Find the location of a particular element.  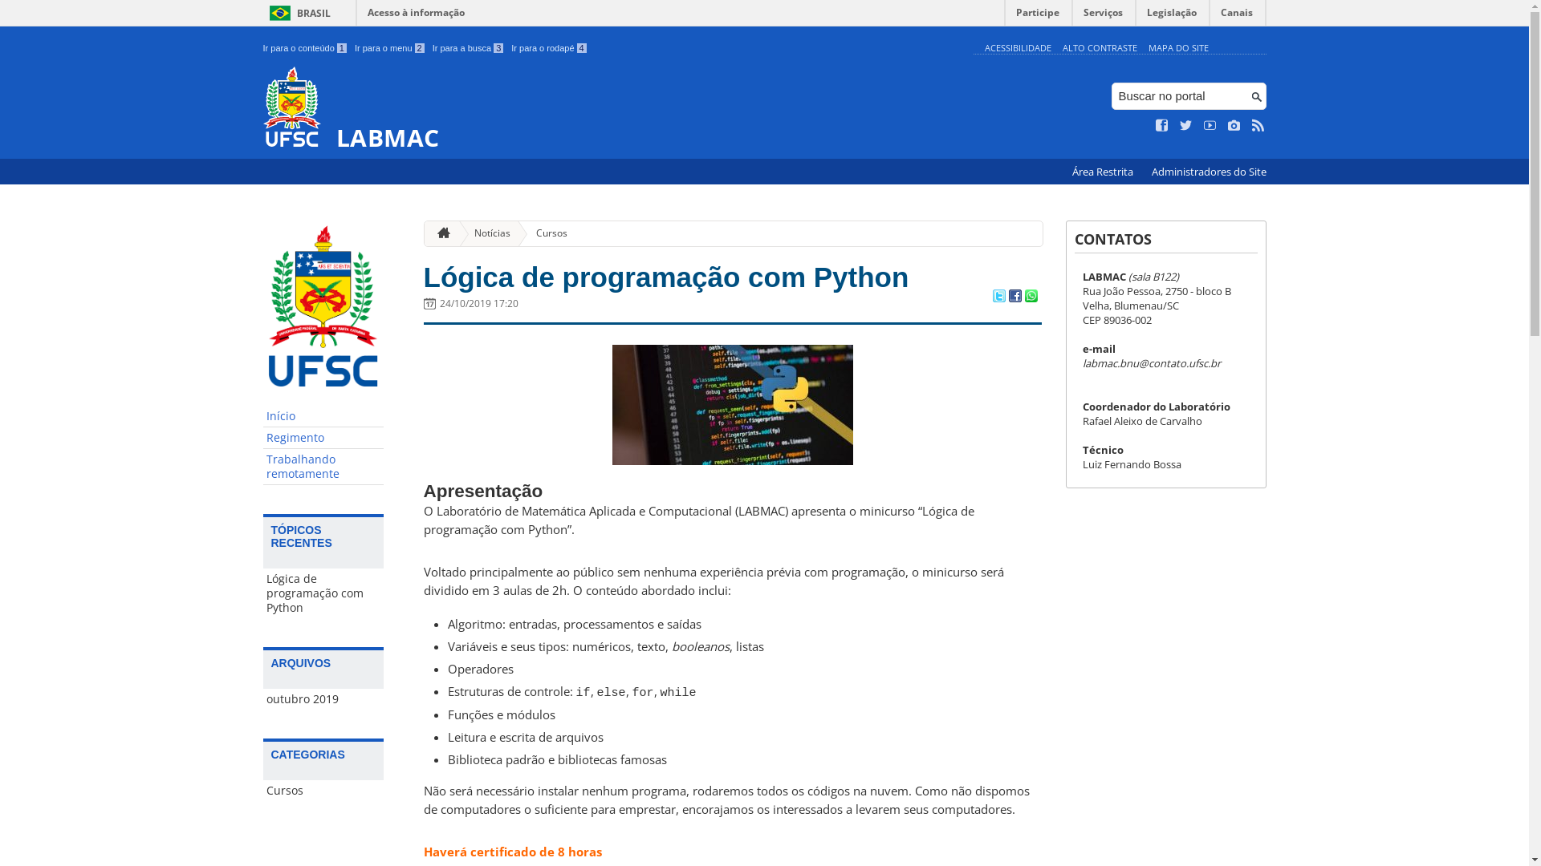

'Participe' is located at coordinates (1004, 16).